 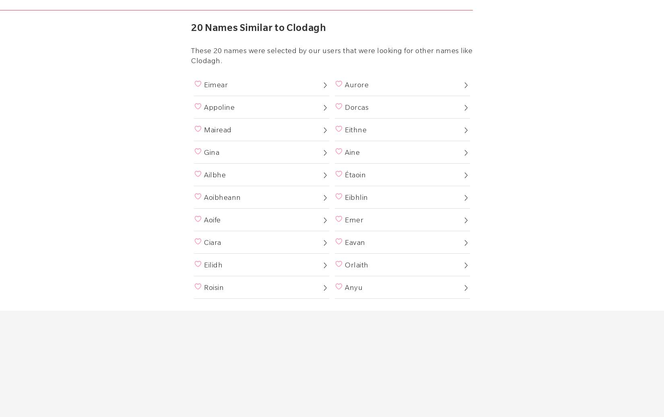 I want to click on 'Gina', so click(x=211, y=152).